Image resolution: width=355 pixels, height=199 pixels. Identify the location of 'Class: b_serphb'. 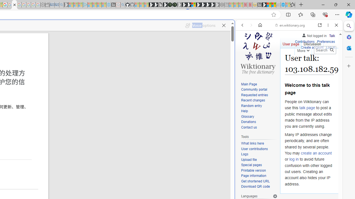
(330, 63).